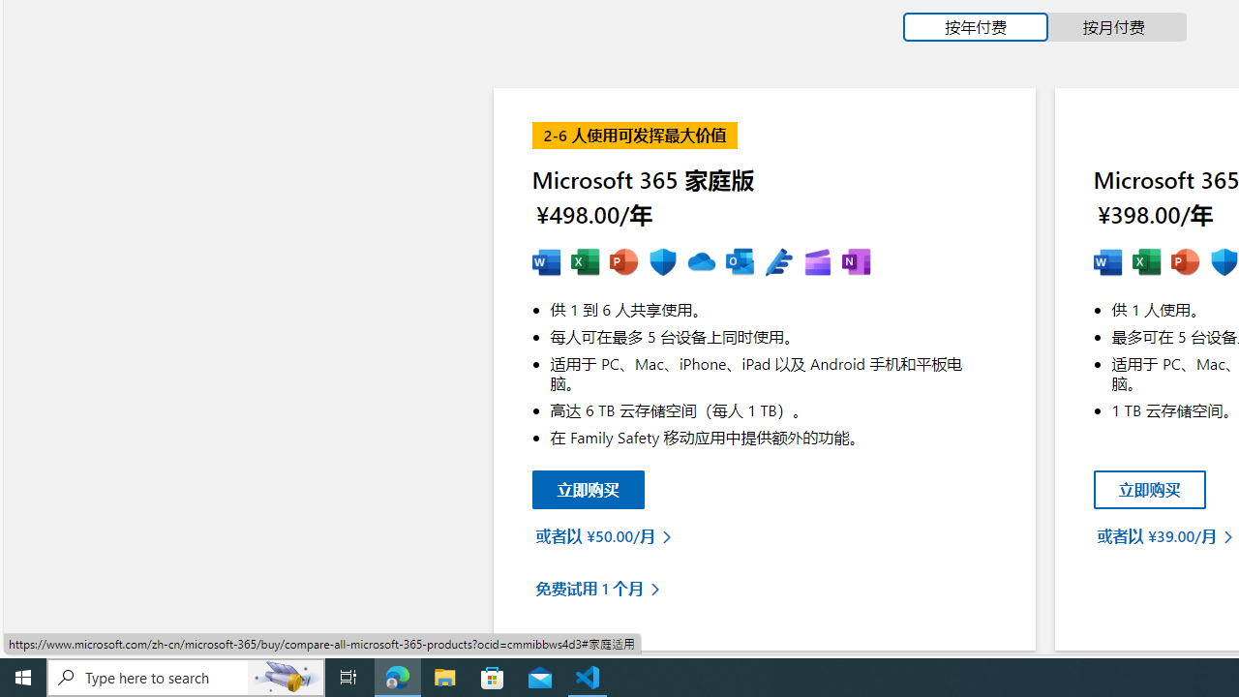 The width and height of the screenshot is (1239, 697). I want to click on 'MS Powerpoint', so click(623, 262).